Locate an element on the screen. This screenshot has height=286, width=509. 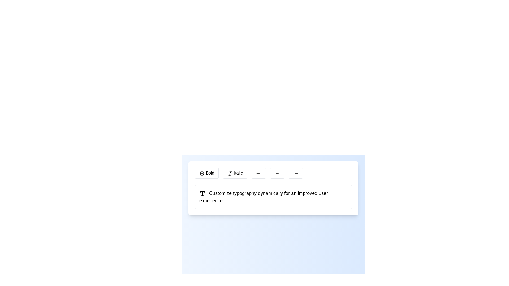
the italic styling button located in the formatting toolbar is located at coordinates (235, 173).